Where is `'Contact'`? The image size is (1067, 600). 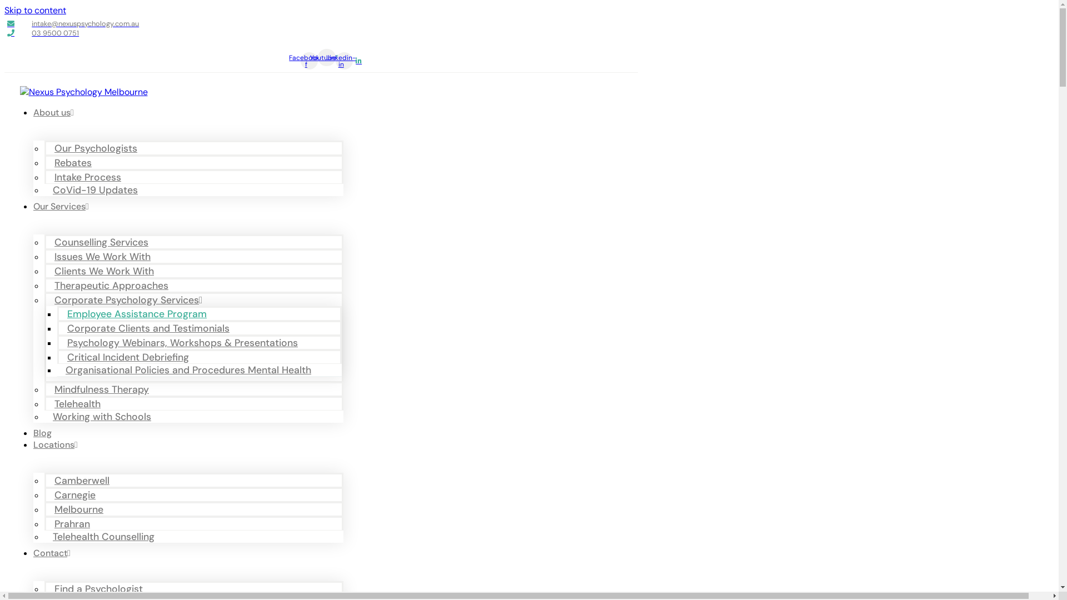 'Contact' is located at coordinates (51, 553).